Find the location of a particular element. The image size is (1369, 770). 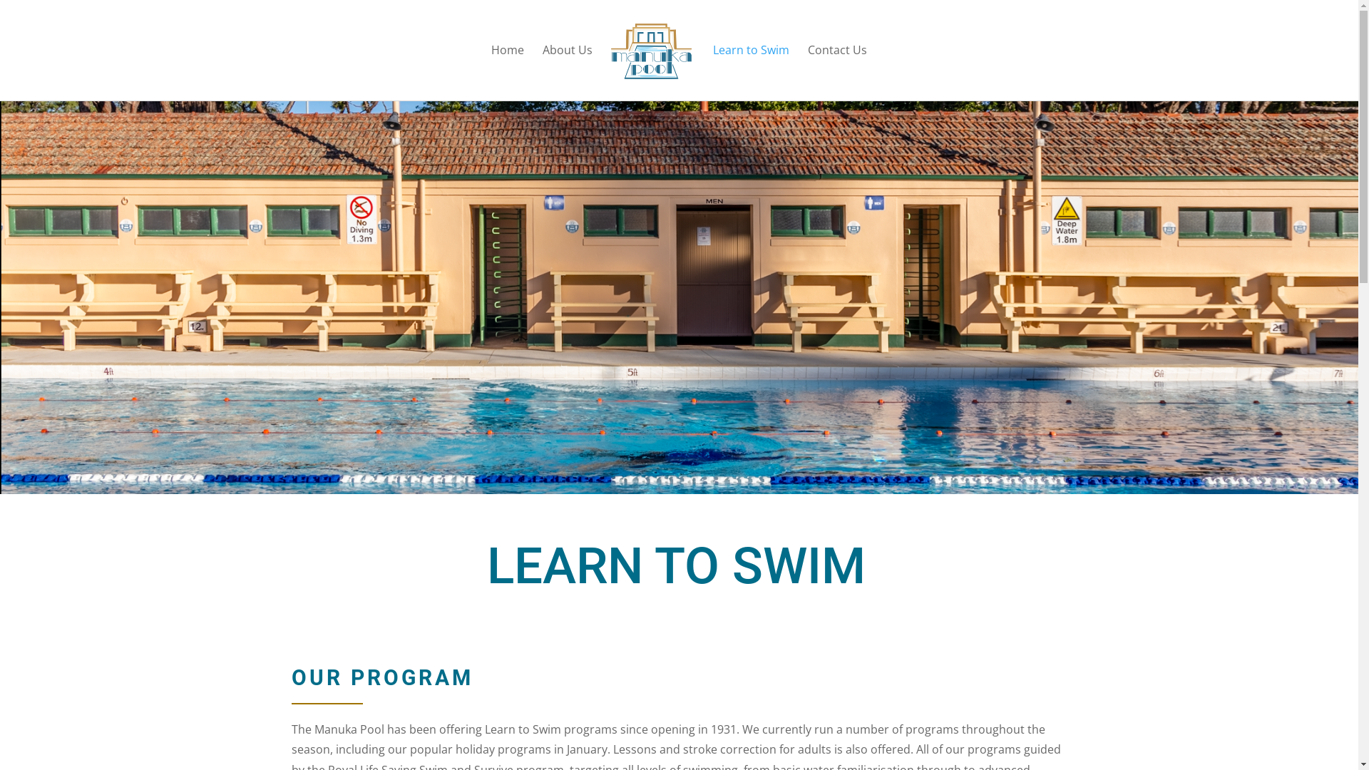

'Learn to Swim' is located at coordinates (750, 72).